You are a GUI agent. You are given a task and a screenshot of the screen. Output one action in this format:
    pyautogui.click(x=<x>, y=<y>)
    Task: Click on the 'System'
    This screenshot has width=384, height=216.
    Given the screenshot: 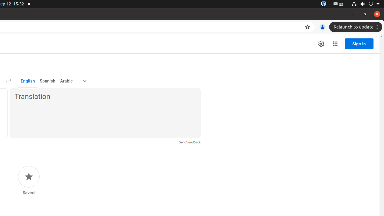 What is the action you would take?
    pyautogui.click(x=365, y=4)
    